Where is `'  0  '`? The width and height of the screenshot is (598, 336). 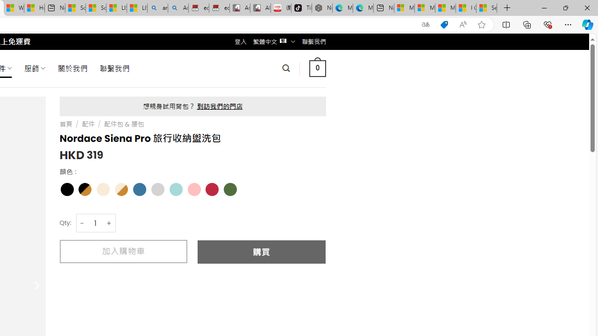
'  0  ' is located at coordinates (317, 68).